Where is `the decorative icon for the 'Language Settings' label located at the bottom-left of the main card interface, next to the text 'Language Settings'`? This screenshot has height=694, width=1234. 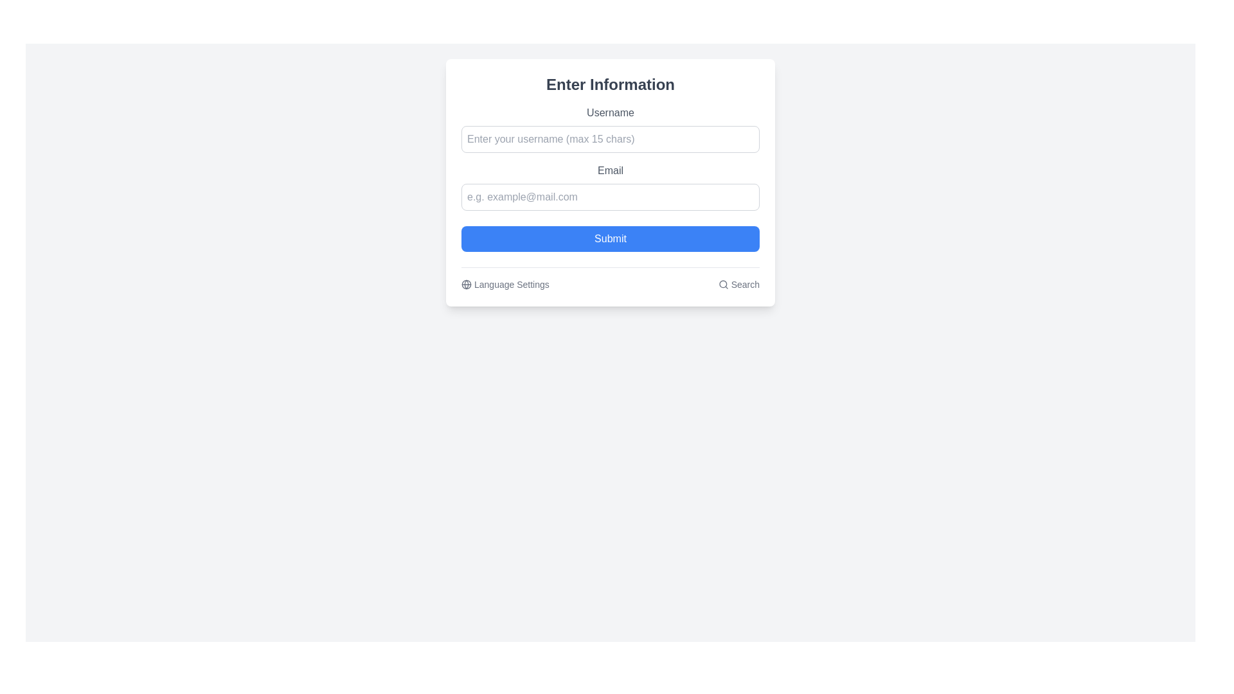
the decorative icon for the 'Language Settings' label located at the bottom-left of the main card interface, next to the text 'Language Settings' is located at coordinates (465, 284).